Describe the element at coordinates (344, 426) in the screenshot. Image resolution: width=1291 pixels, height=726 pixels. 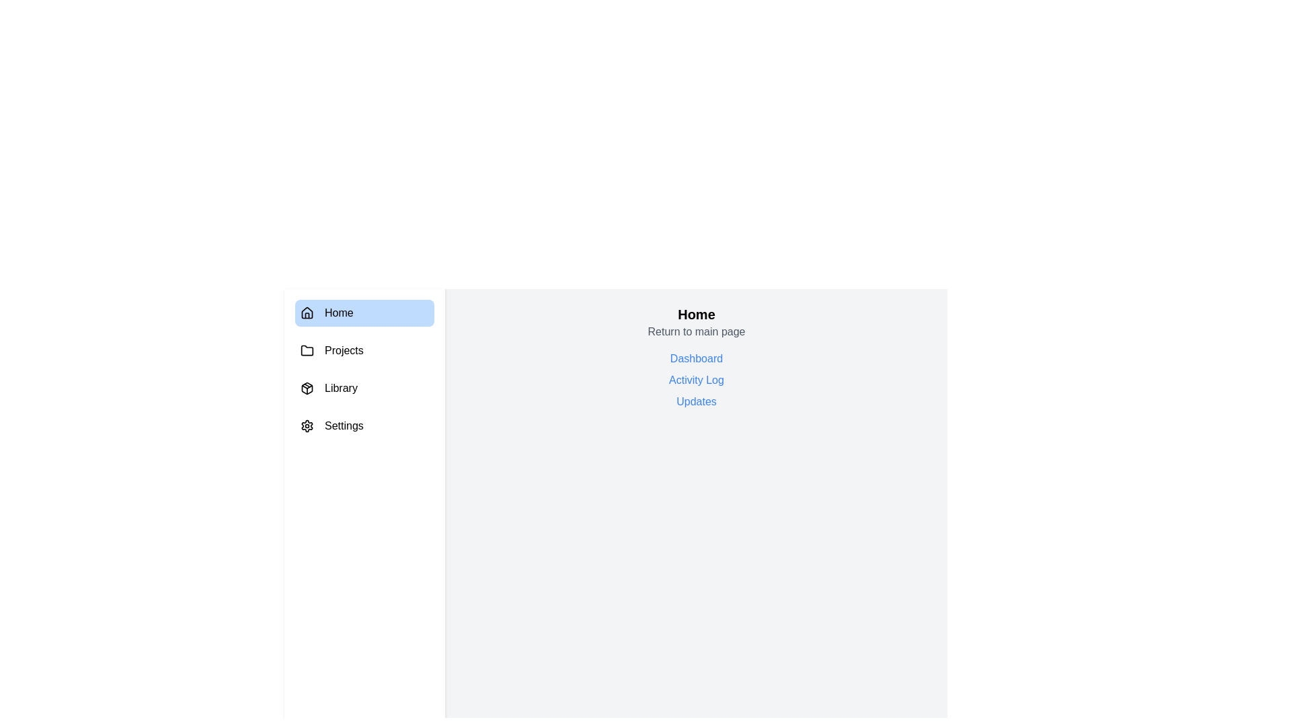
I see `the 'Settings' text label, which is styled in black font and positioned next to a gear icon in the vertical navigation menu` at that location.